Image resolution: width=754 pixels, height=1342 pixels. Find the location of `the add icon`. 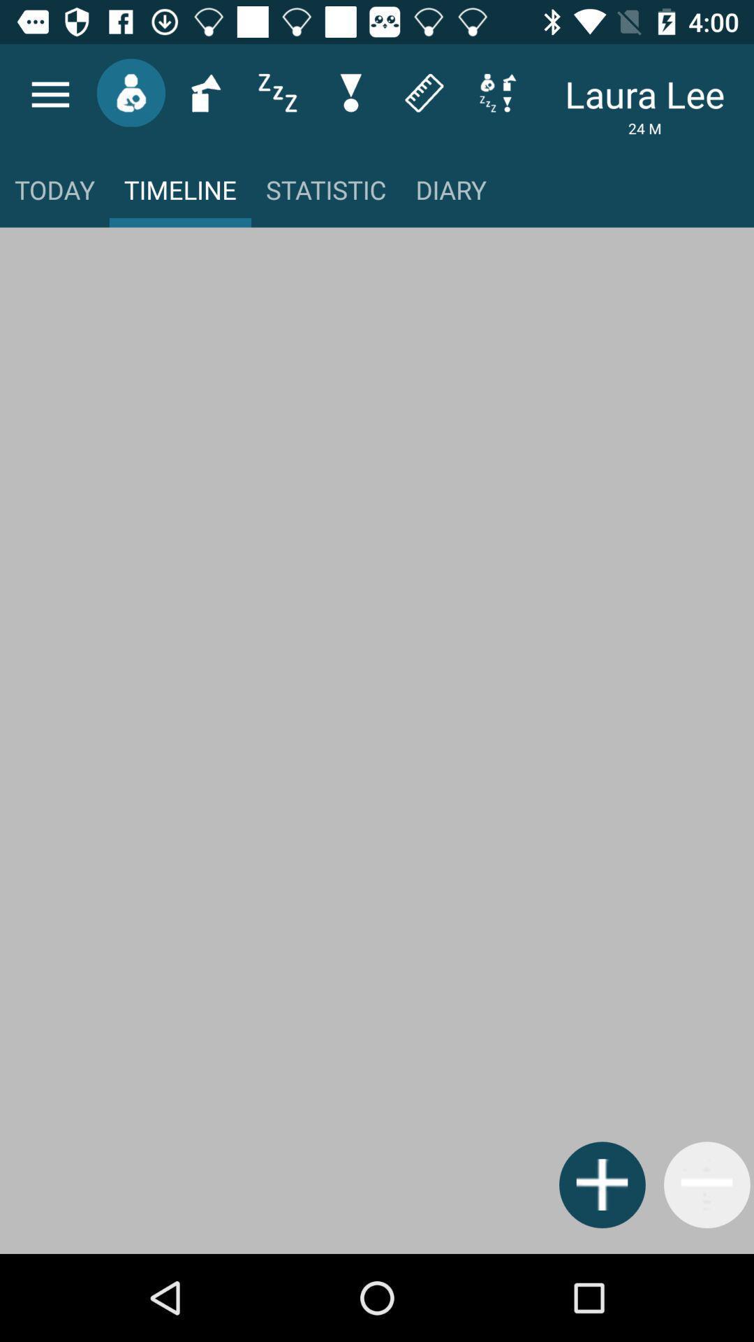

the add icon is located at coordinates (601, 1184).